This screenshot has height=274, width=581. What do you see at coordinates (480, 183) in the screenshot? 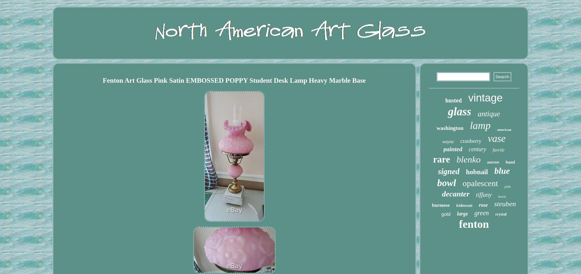
I see `'opalescent'` at bounding box center [480, 183].